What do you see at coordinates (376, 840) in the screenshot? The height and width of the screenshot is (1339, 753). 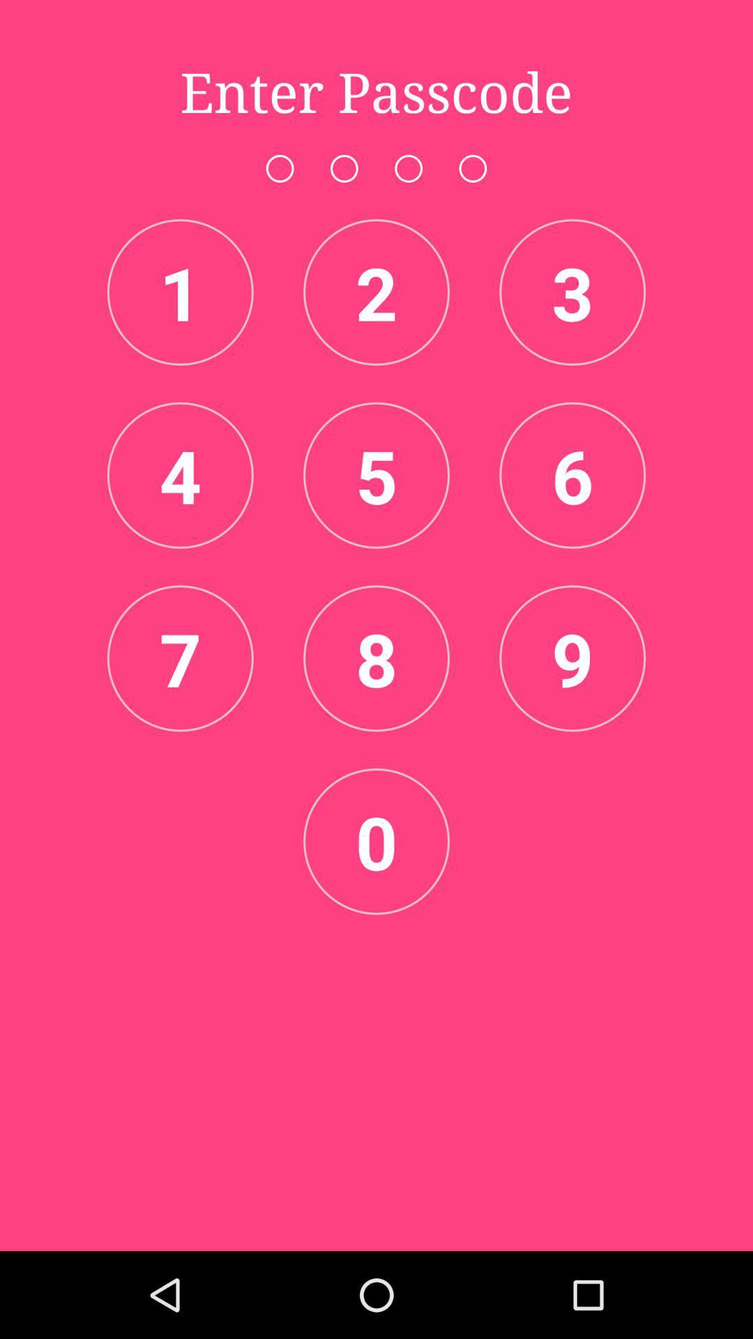 I see `0 icon` at bounding box center [376, 840].